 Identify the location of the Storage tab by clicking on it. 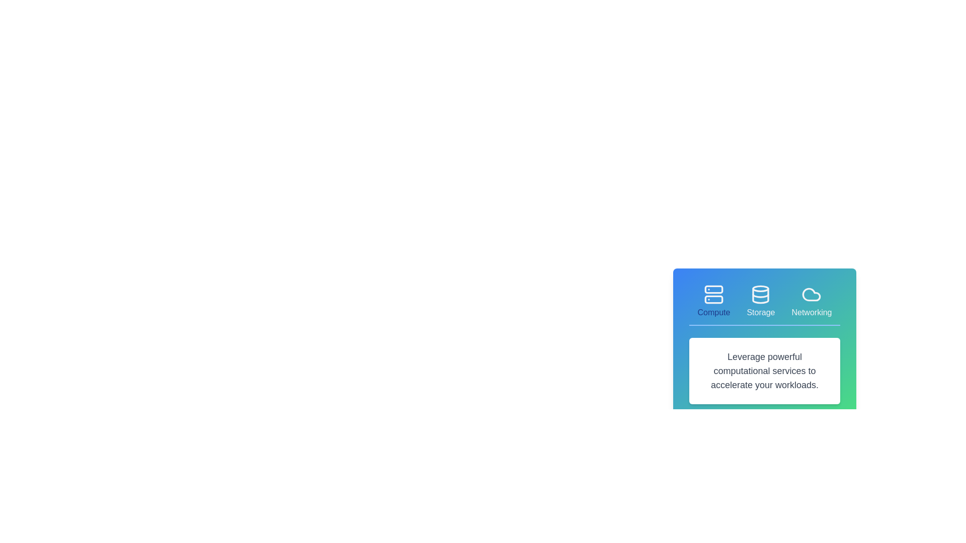
(761, 301).